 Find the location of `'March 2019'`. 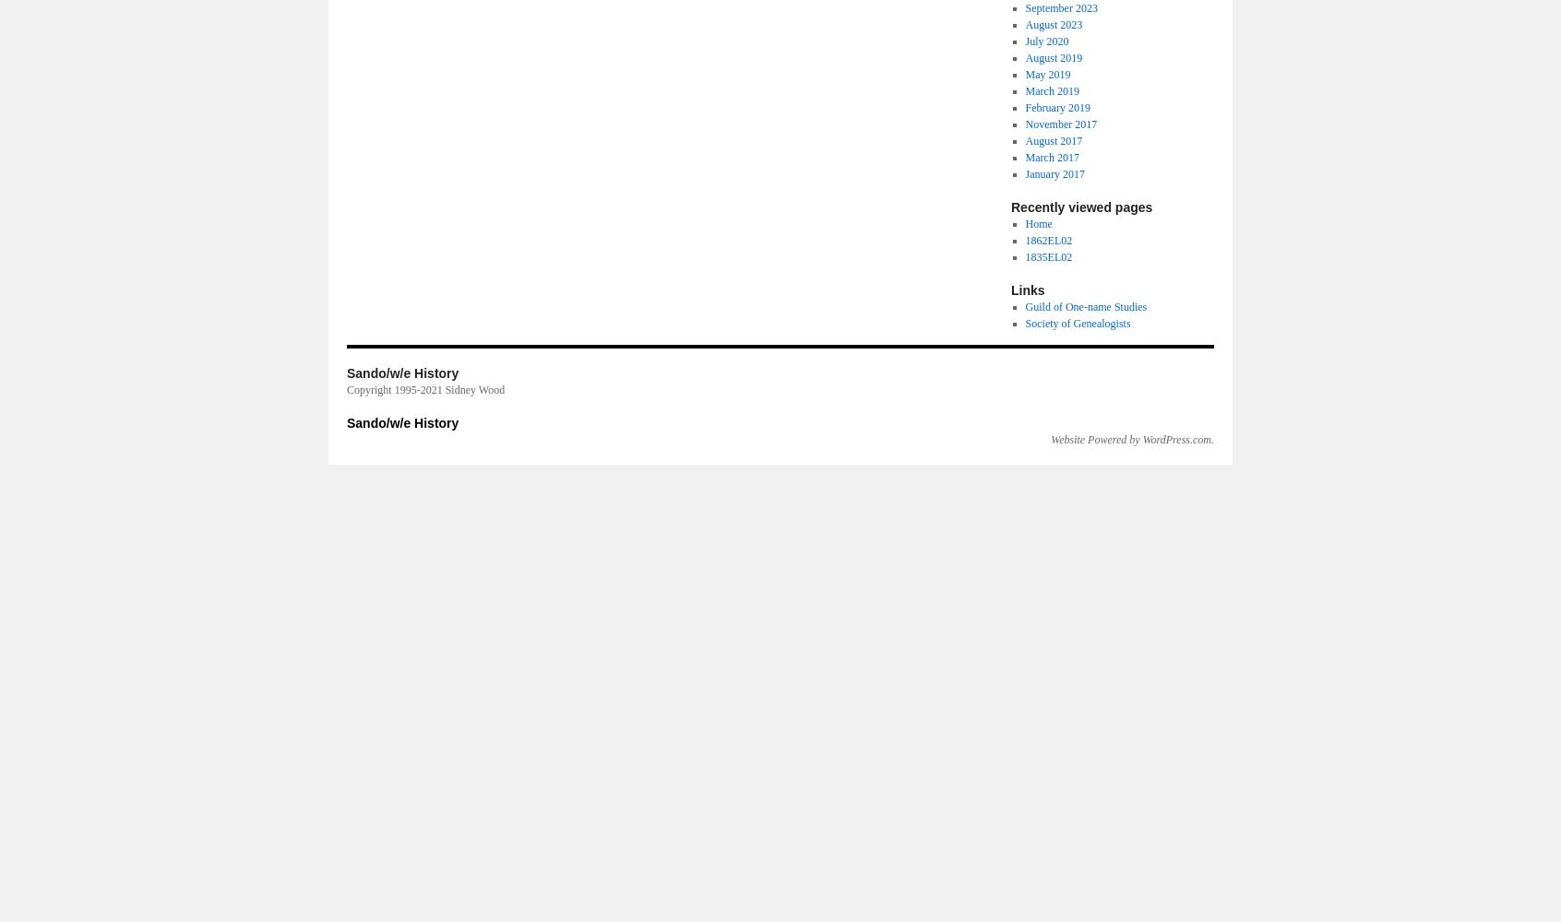

'March 2019' is located at coordinates (1051, 90).